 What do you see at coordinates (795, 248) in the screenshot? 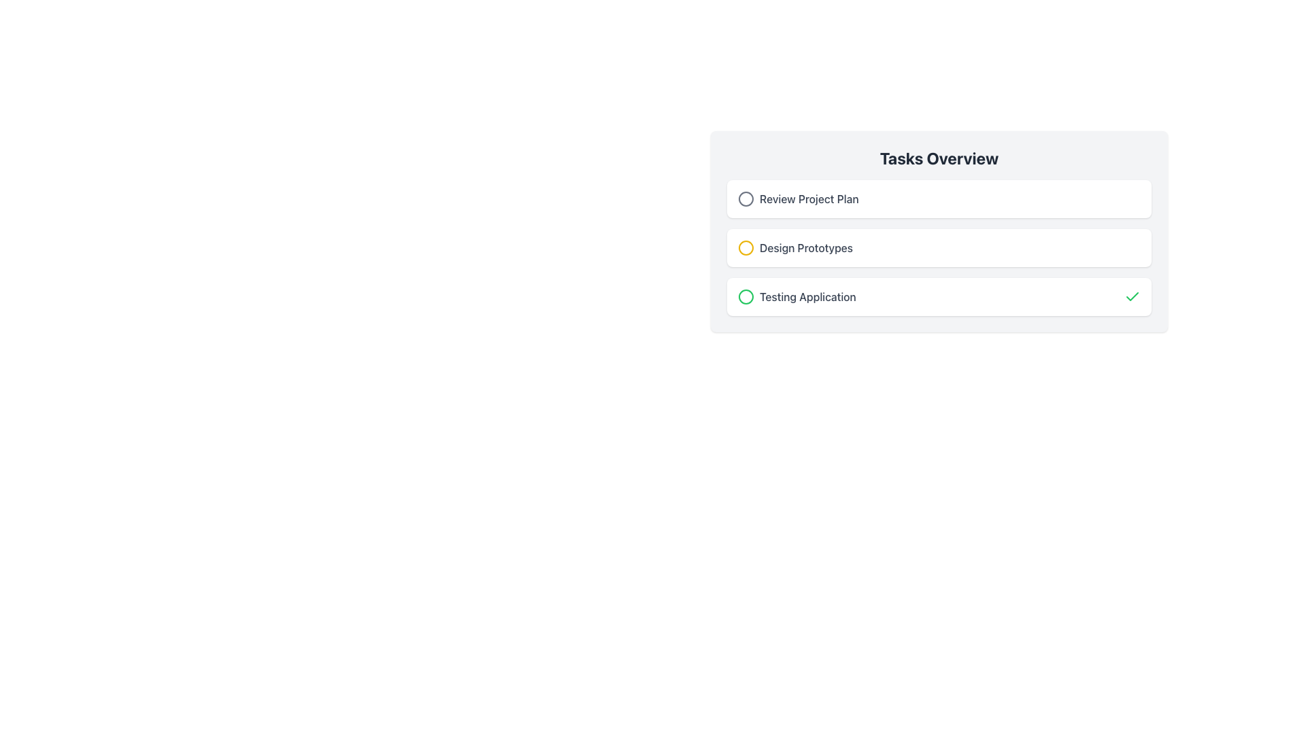
I see `the 'Design Prototypes' task in the 'Tasks Overview' list` at bounding box center [795, 248].